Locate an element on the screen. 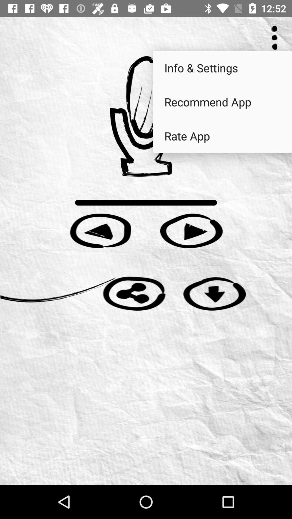 The width and height of the screenshot is (292, 519). share is located at coordinates (134, 293).